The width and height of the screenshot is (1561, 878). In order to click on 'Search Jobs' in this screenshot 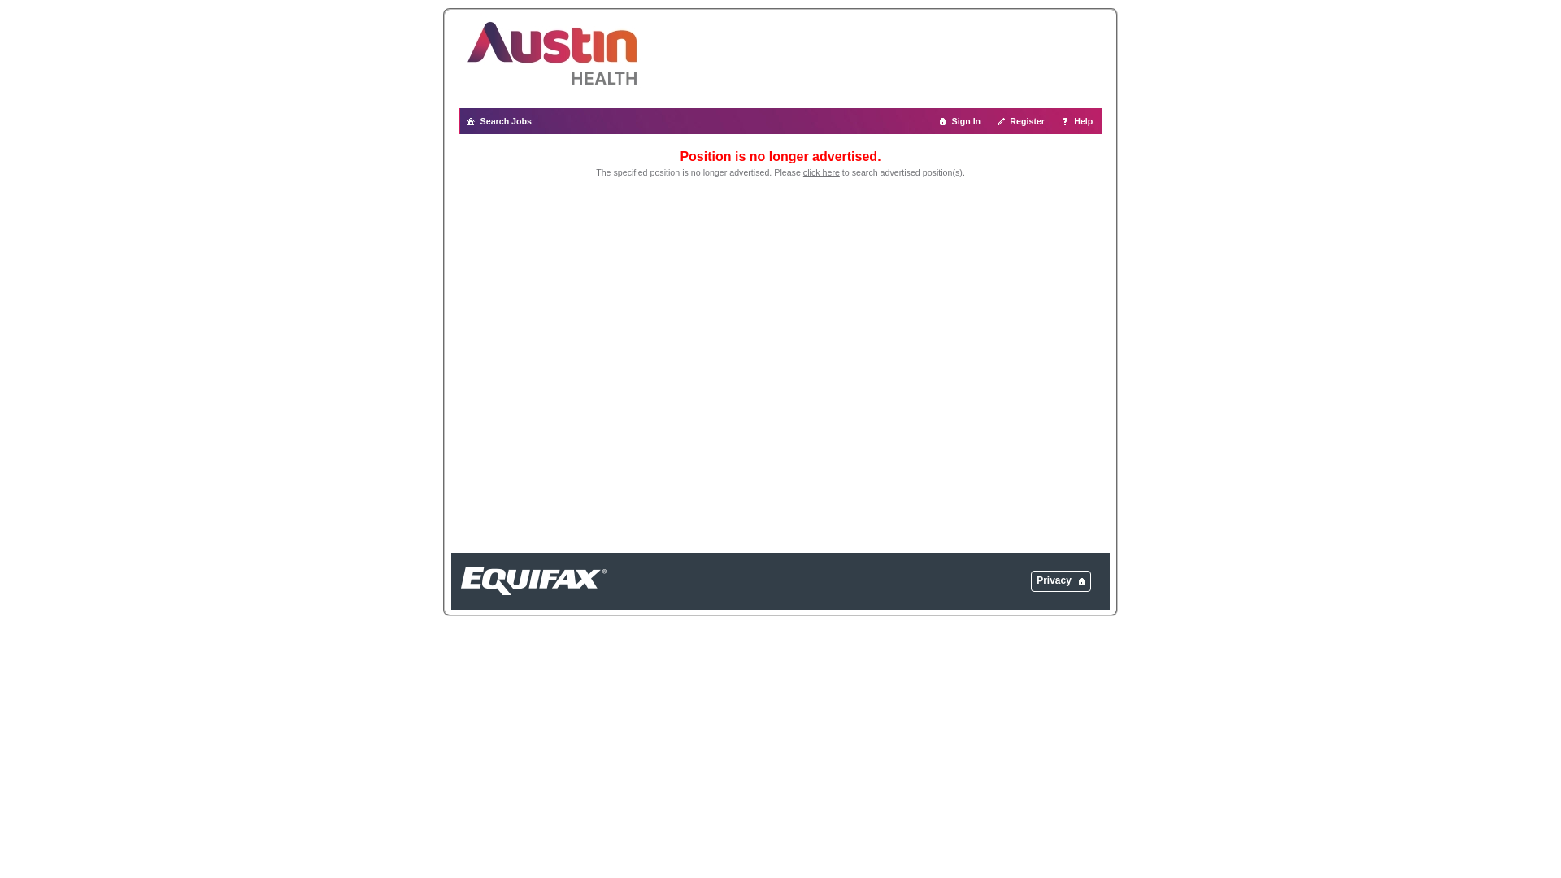, I will do `click(459, 120)`.